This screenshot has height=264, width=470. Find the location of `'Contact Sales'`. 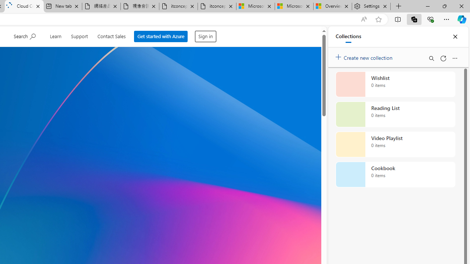

'Contact Sales' is located at coordinates (112, 35).